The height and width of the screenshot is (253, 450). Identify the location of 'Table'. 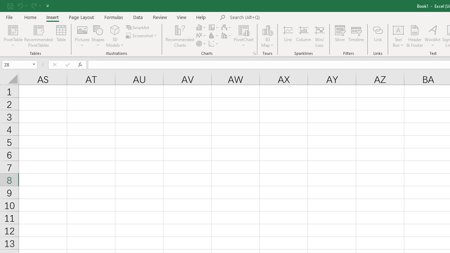
(61, 36).